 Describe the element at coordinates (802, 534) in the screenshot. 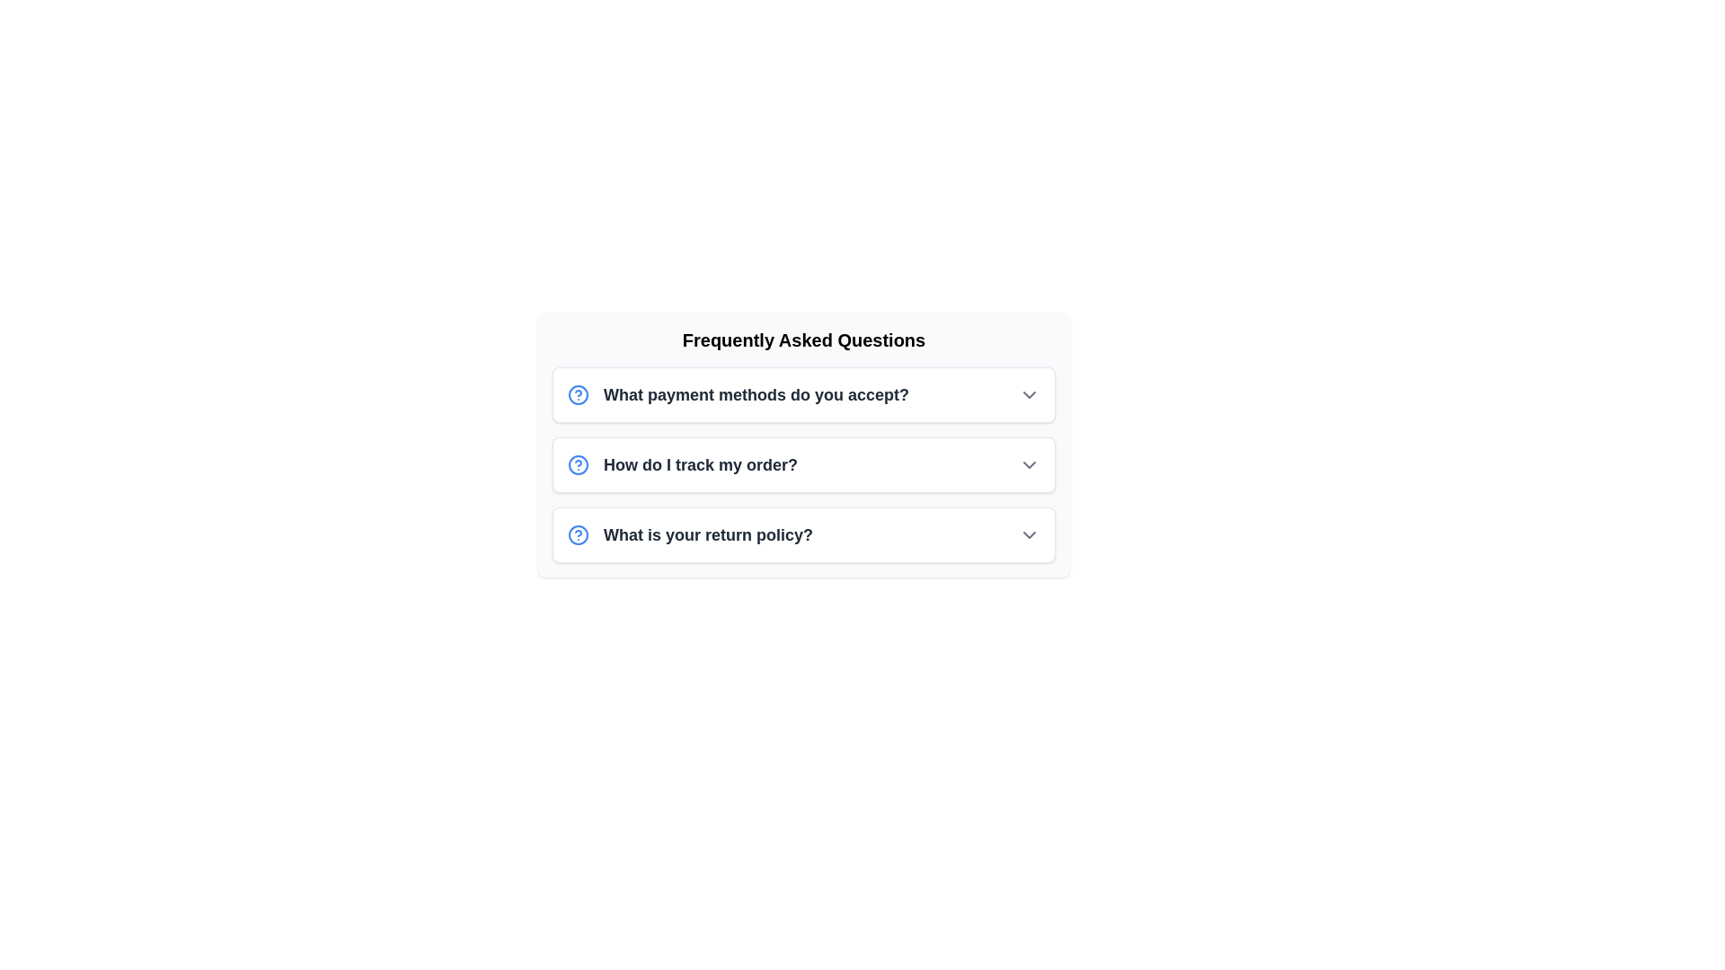

I see `the third item in the FAQ section` at that location.